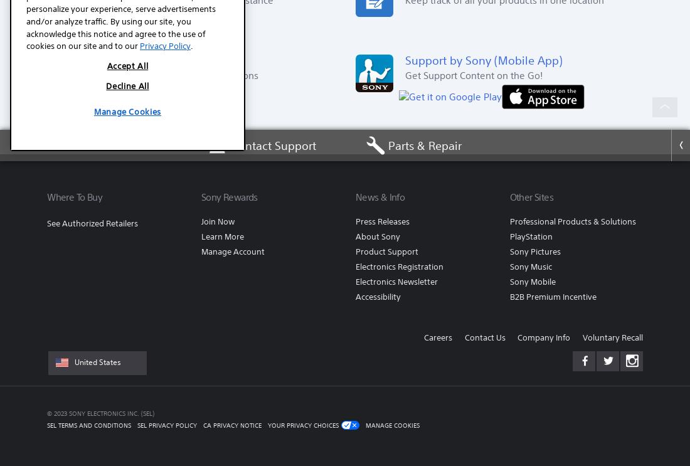 This screenshot has height=466, width=690. Describe the element at coordinates (423, 337) in the screenshot. I see `'Careers'` at that location.